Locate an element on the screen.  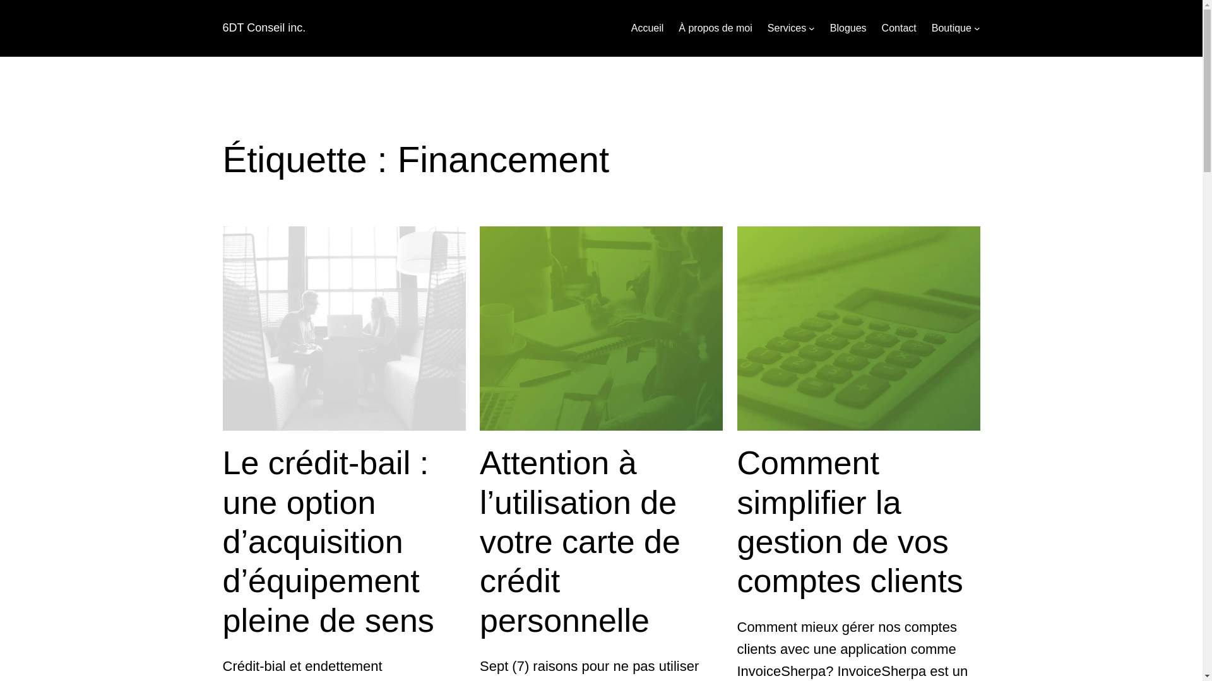
'Accueil' is located at coordinates (648, 28).